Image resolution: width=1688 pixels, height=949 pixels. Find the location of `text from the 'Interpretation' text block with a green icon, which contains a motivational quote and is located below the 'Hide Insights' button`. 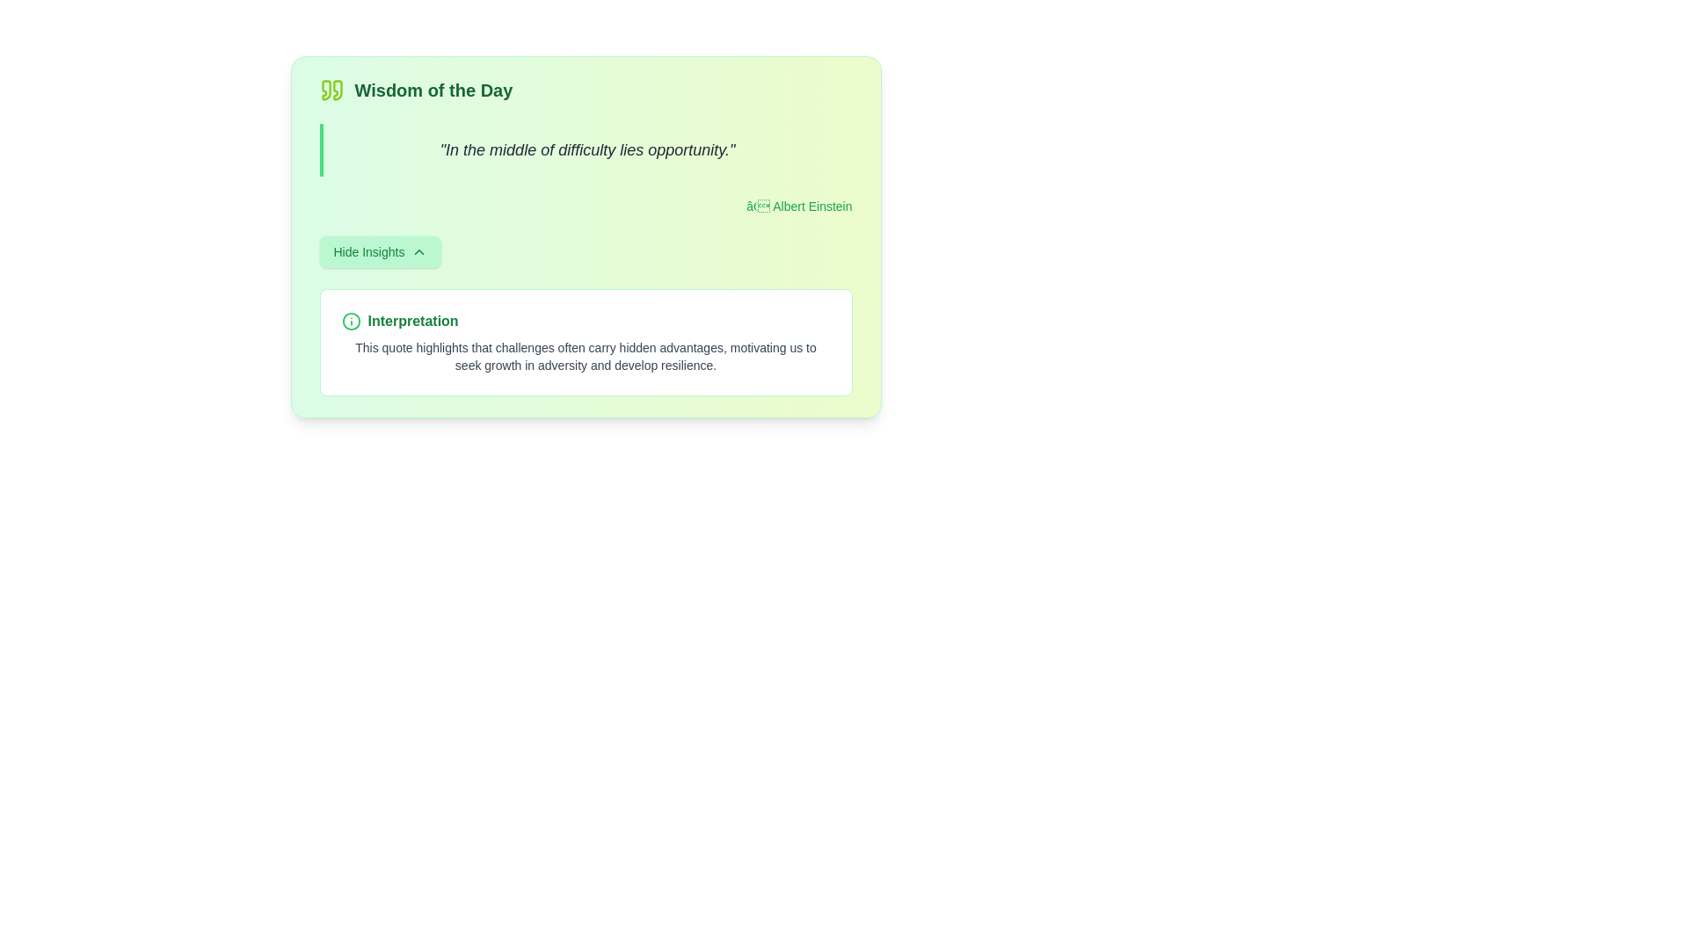

text from the 'Interpretation' text block with a green icon, which contains a motivational quote and is located below the 'Hide Insights' button is located at coordinates (586, 342).